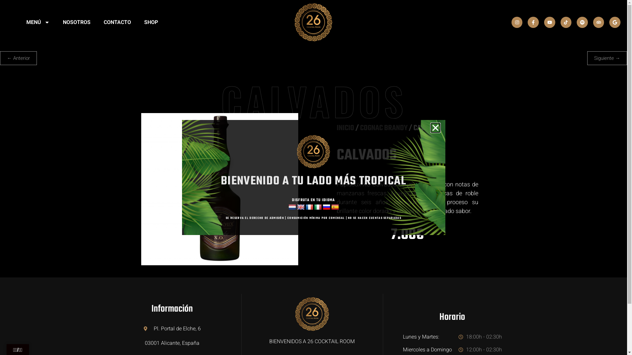  I want to click on 'SHOP', so click(151, 22).